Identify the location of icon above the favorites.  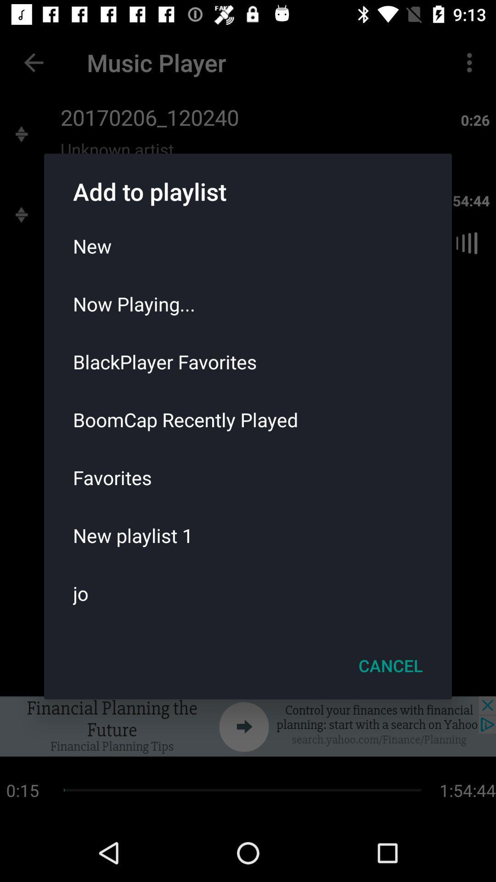
(248, 419).